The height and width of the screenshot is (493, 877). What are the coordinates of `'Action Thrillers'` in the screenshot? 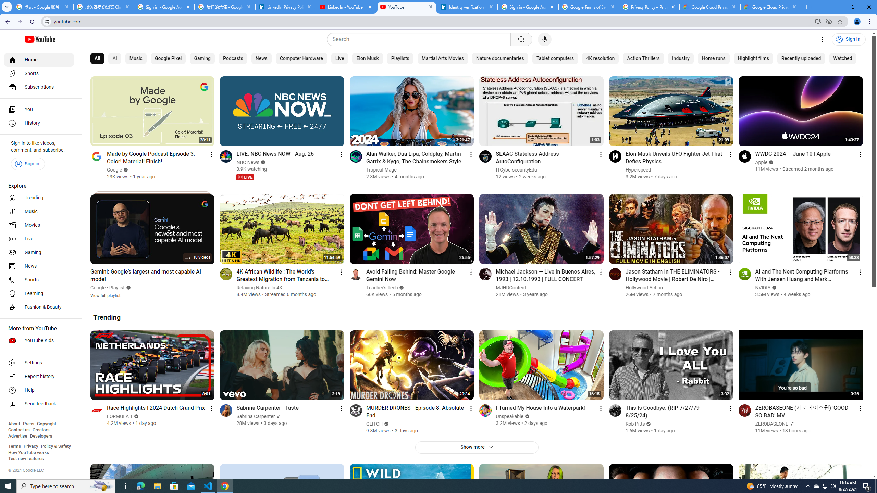 It's located at (643, 59).